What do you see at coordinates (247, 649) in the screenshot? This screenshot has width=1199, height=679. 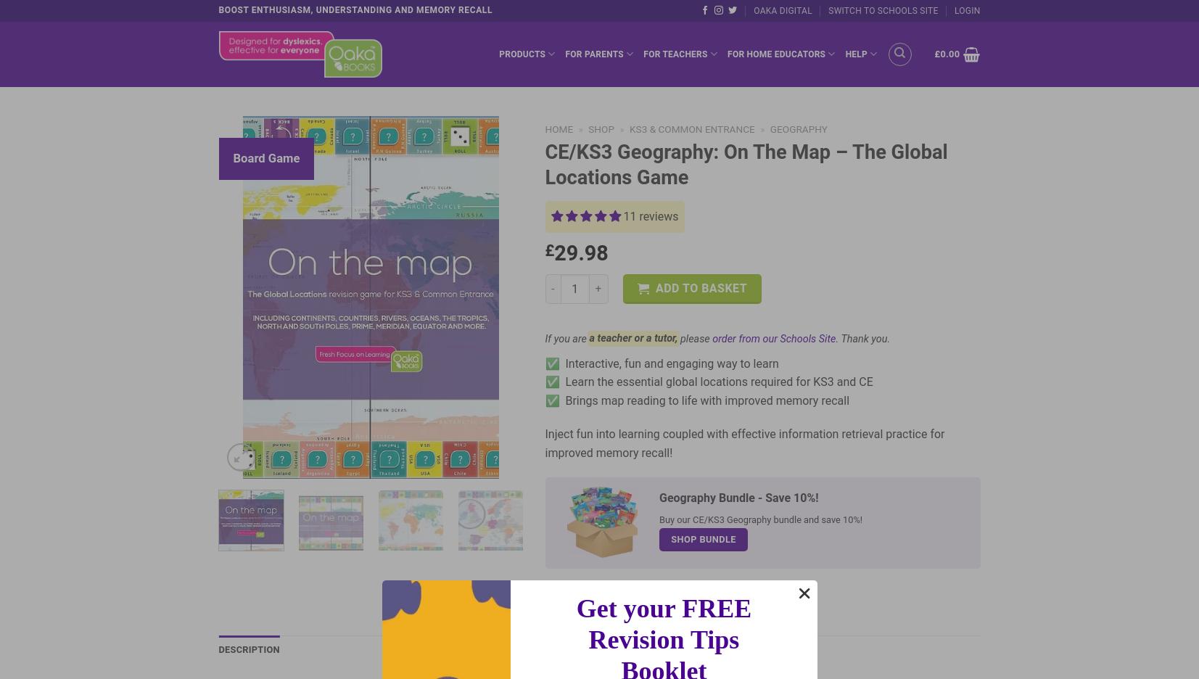 I see `'Description'` at bounding box center [247, 649].